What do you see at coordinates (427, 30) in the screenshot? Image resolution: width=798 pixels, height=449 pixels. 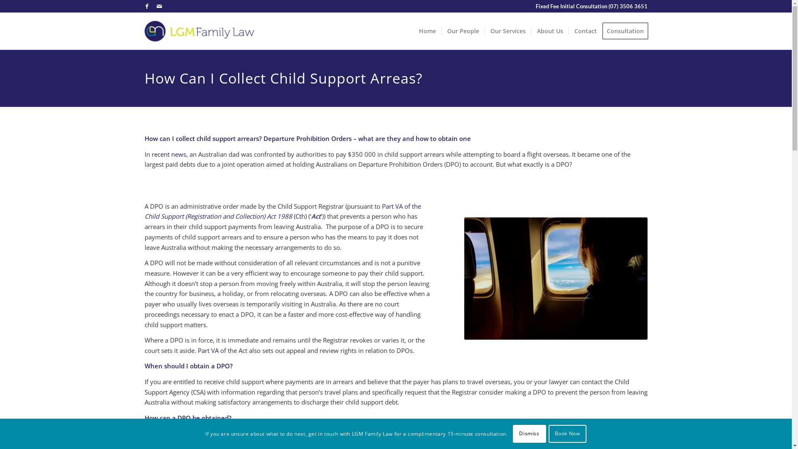 I see `'Home'` at bounding box center [427, 30].